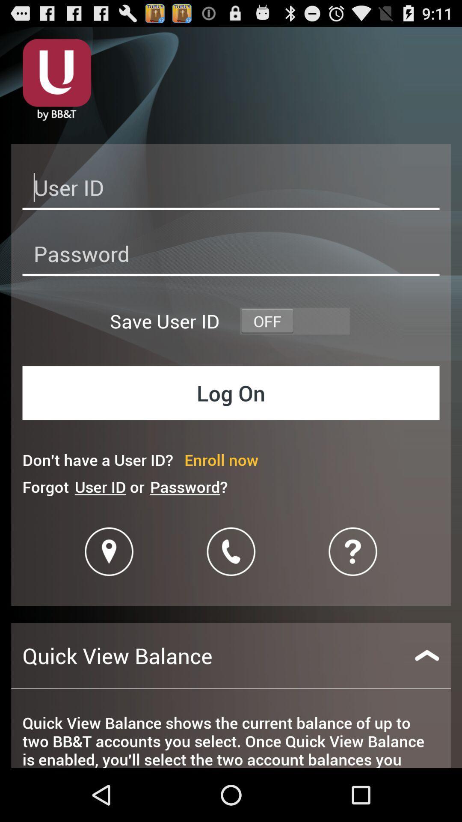 This screenshot has height=822, width=462. I want to click on the log on item, so click(231, 392).